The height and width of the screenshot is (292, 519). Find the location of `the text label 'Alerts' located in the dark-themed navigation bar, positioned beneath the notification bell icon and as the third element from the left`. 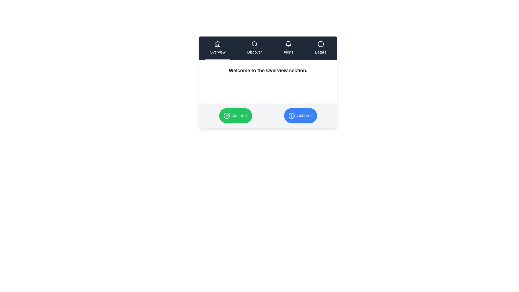

the text label 'Alerts' located in the dark-themed navigation bar, positioned beneath the notification bell icon and as the third element from the left is located at coordinates (288, 52).